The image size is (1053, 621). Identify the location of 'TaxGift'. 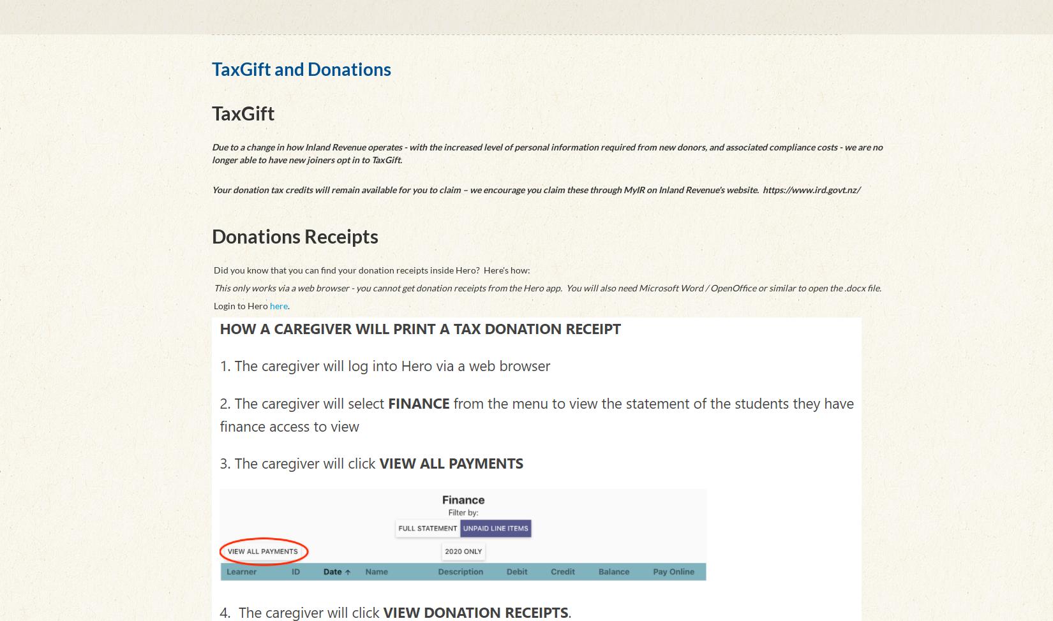
(243, 112).